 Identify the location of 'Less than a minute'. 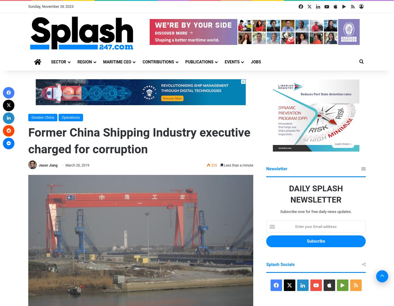
(223, 165).